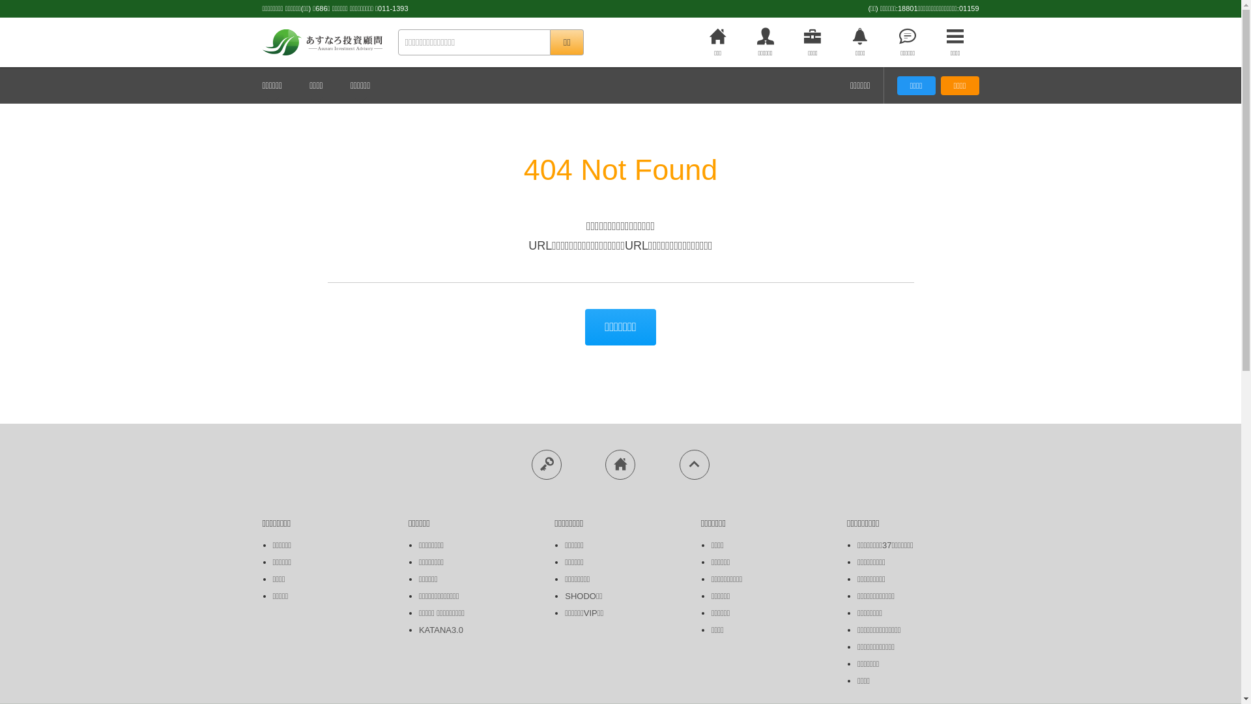  Describe the element at coordinates (440, 629) in the screenshot. I see `'KATANA3.0'` at that location.